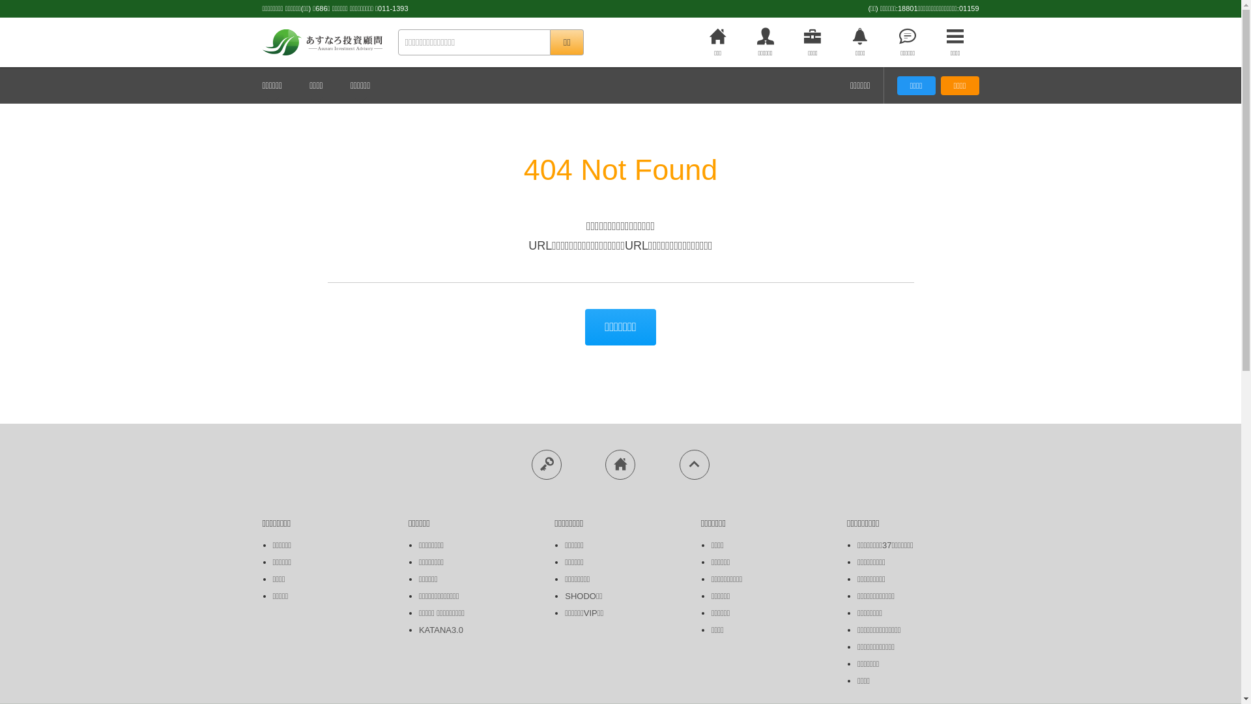  Describe the element at coordinates (440, 629) in the screenshot. I see `'KATANA3.0'` at that location.